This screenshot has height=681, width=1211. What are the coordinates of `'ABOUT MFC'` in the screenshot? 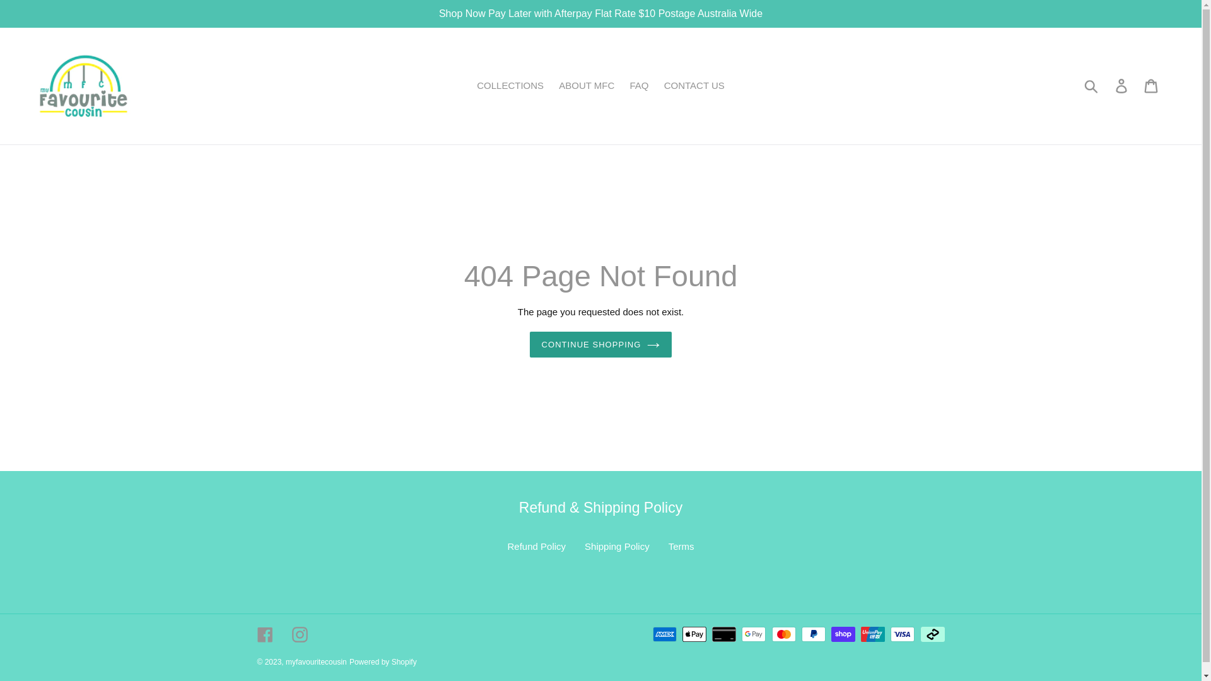 It's located at (586, 85).